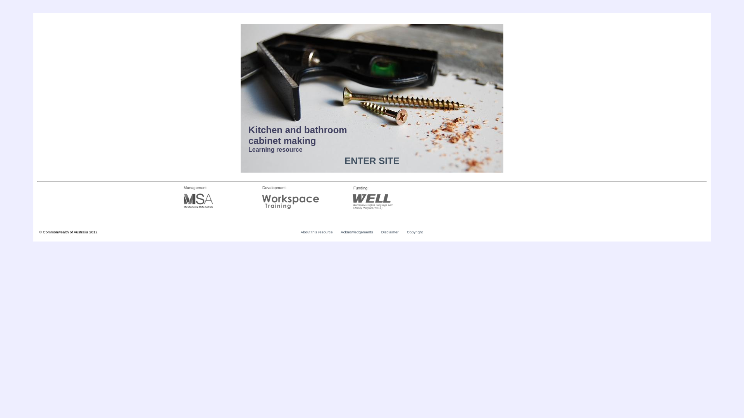  I want to click on 'Acknowledgements', so click(356, 231).